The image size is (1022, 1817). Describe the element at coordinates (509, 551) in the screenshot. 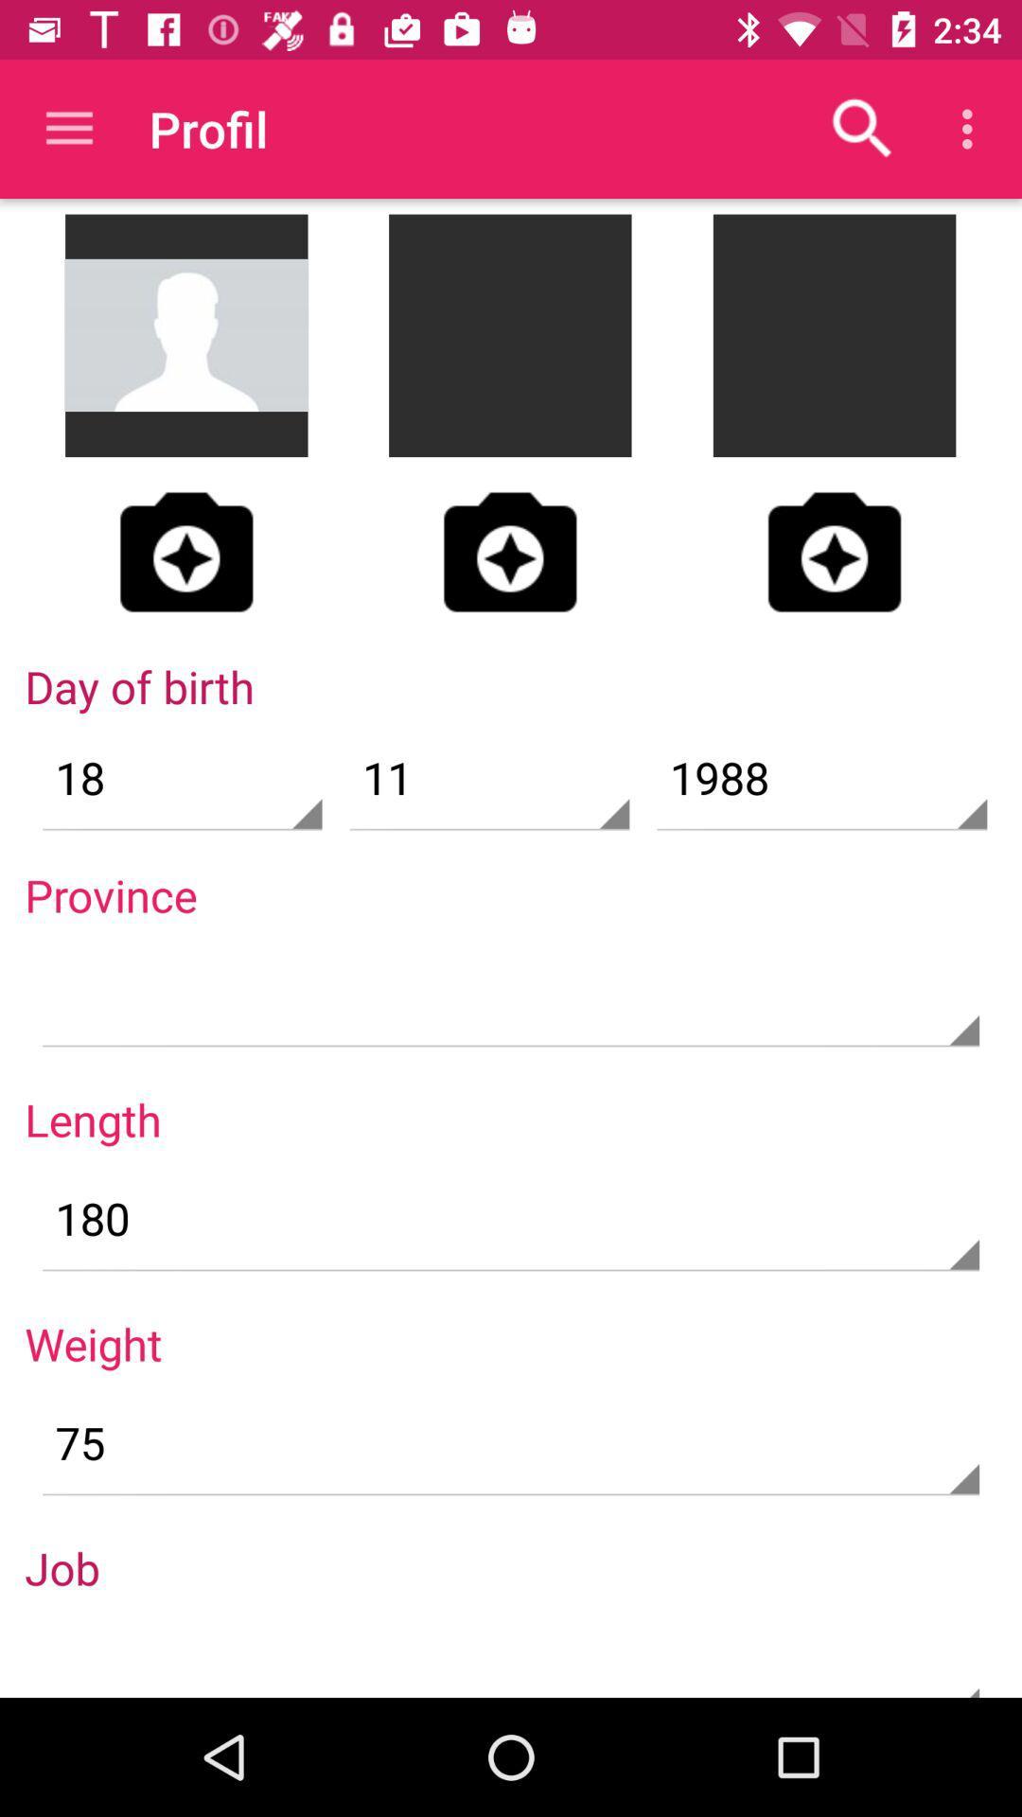

I see `upload photo` at that location.